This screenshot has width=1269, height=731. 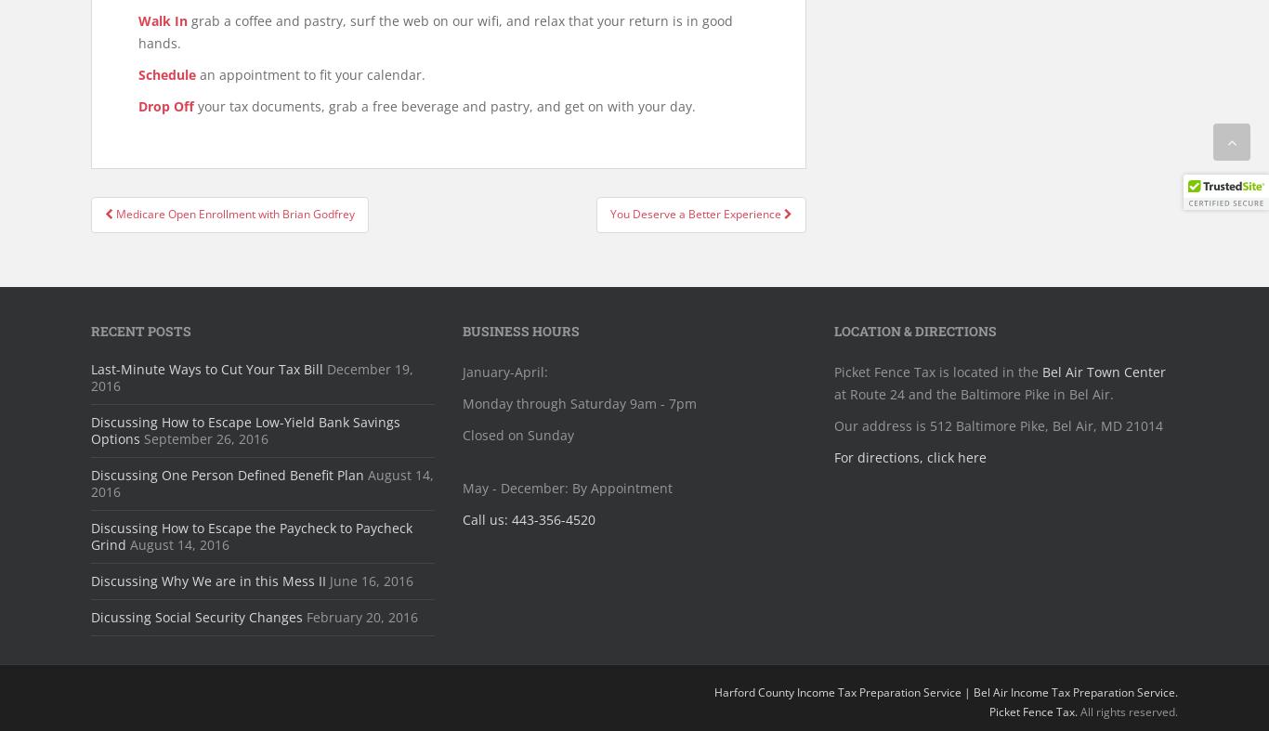 What do you see at coordinates (206, 369) in the screenshot?
I see `'Last-Minute Ways to Cut Your Tax Bill'` at bounding box center [206, 369].